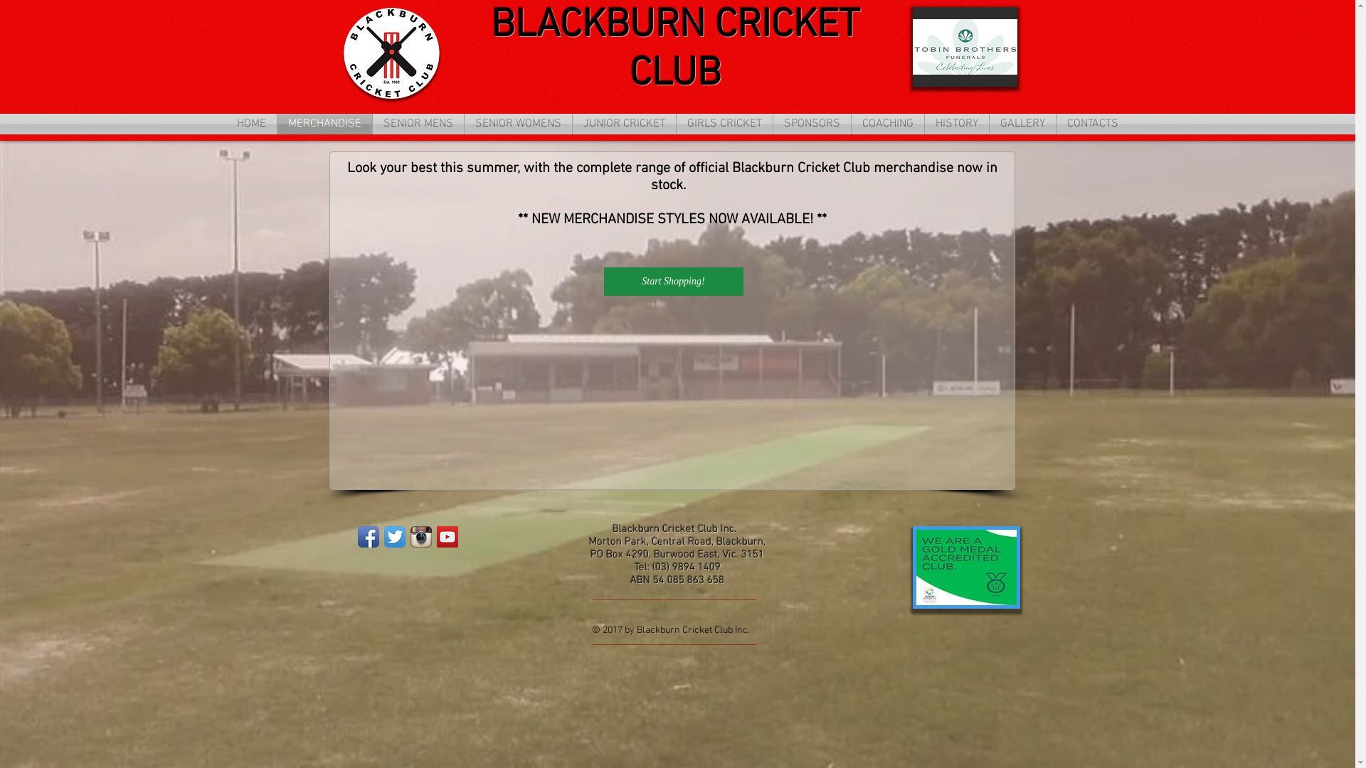 This screenshot has height=768, width=1366. Describe the element at coordinates (724, 123) in the screenshot. I see `'GIRLS CRICKET'` at that location.